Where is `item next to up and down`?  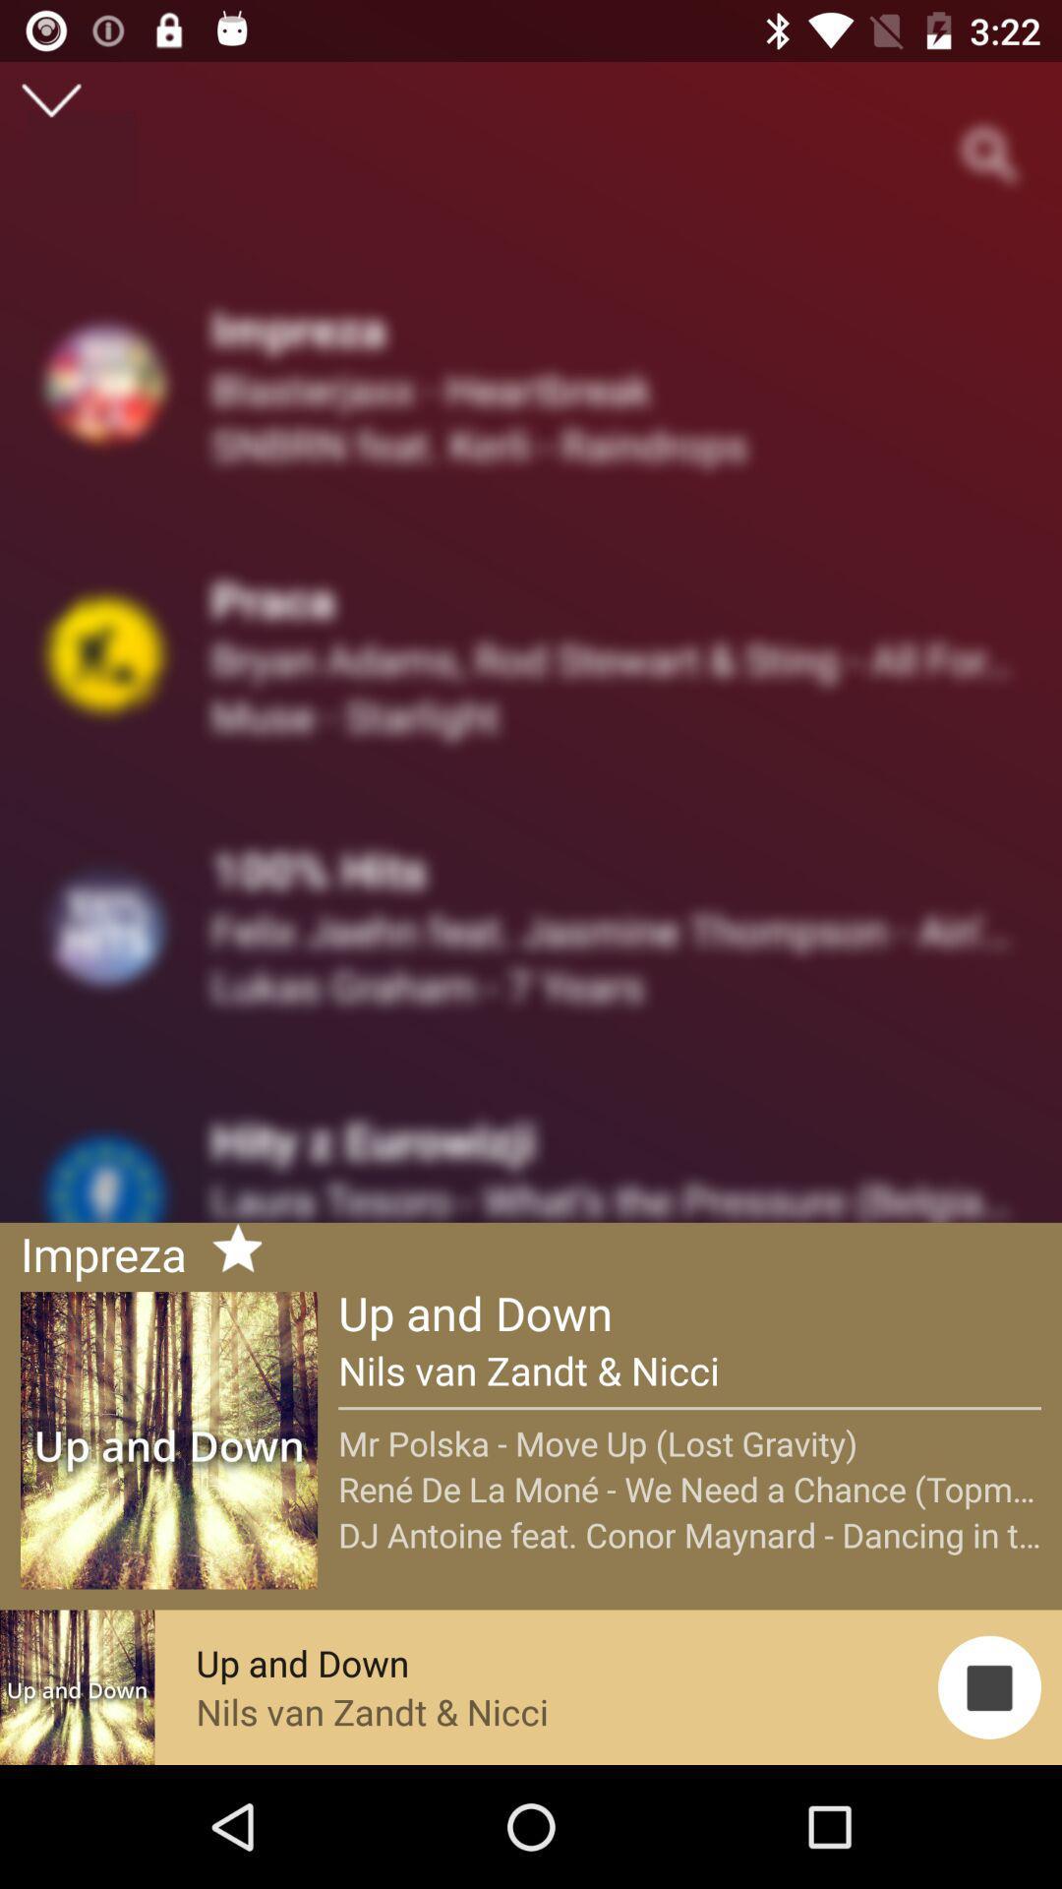
item next to up and down is located at coordinates (228, 1250).